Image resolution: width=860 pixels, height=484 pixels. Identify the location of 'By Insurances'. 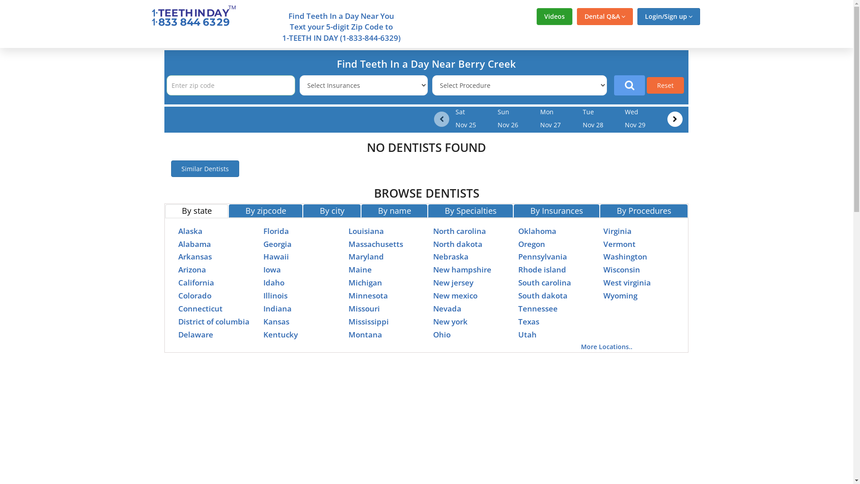
(556, 211).